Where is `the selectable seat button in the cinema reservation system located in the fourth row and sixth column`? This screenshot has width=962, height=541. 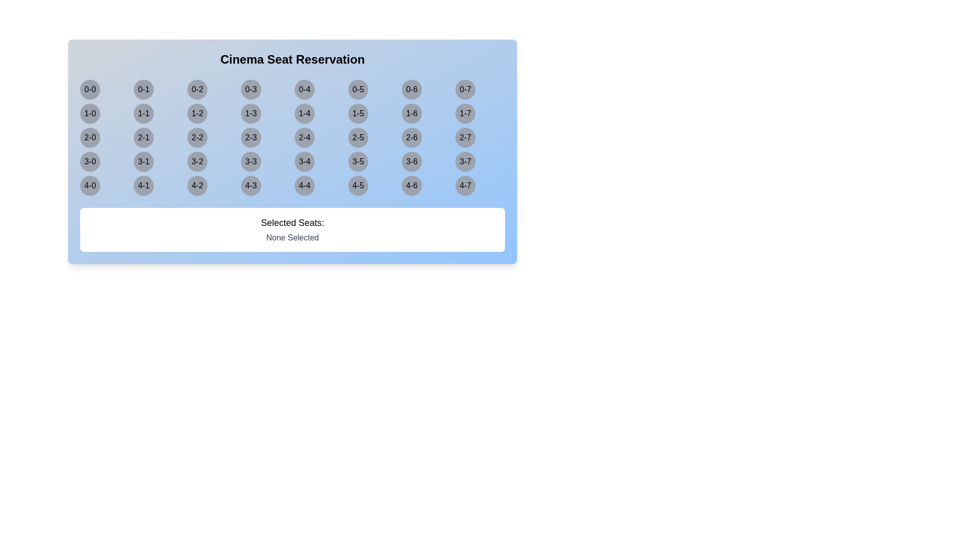 the selectable seat button in the cinema reservation system located in the fourth row and sixth column is located at coordinates (358, 161).